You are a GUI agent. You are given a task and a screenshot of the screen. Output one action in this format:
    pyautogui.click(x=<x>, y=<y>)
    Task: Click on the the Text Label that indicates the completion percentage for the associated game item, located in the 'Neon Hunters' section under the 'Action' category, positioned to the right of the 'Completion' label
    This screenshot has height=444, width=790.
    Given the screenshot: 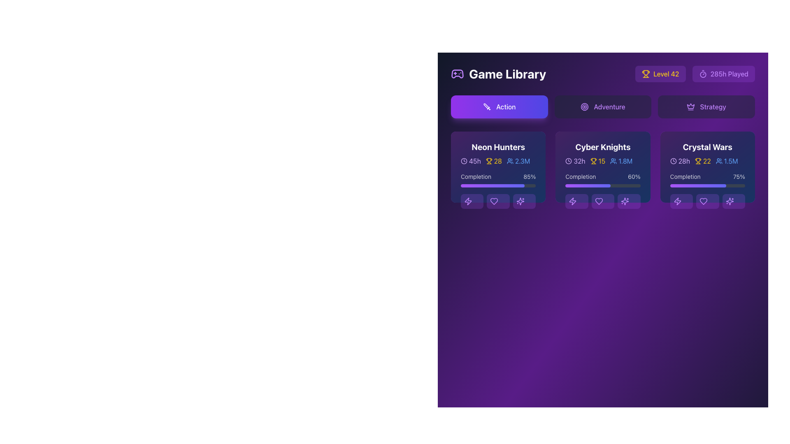 What is the action you would take?
    pyautogui.click(x=530, y=176)
    